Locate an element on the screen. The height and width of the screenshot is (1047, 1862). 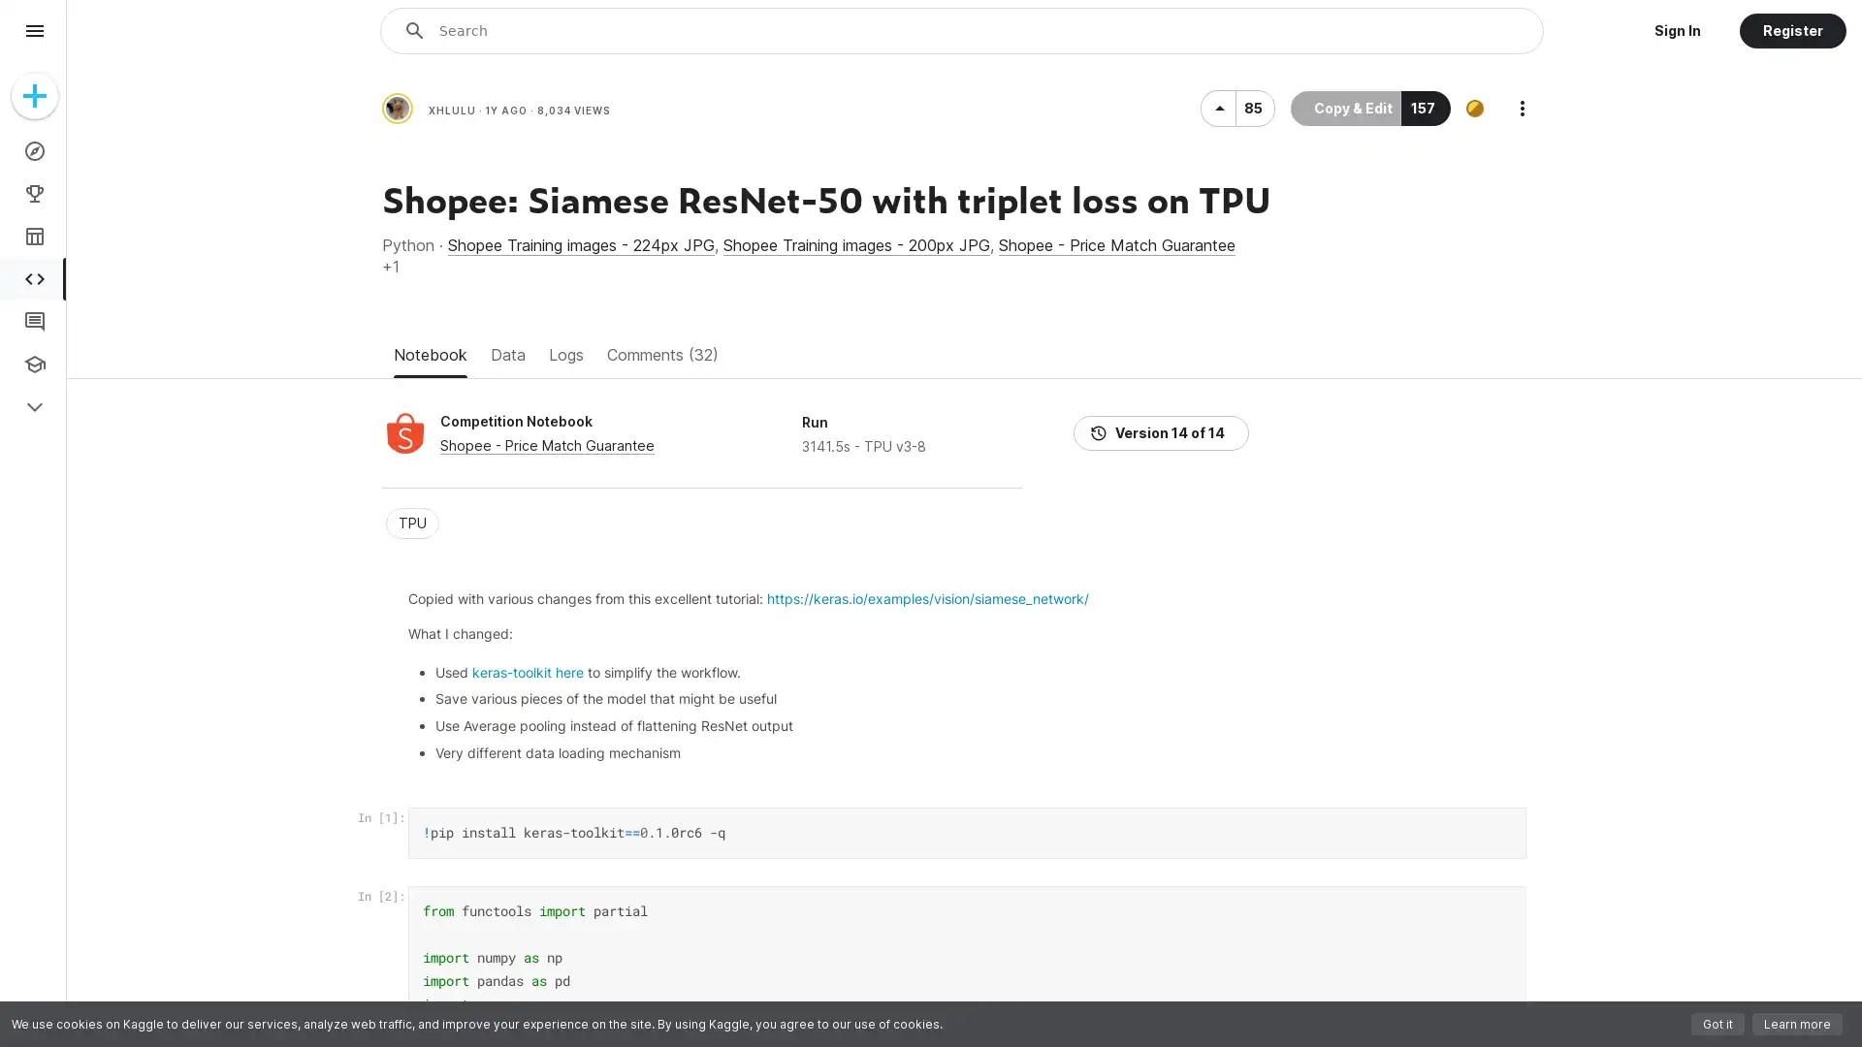
menu is located at coordinates (34, 30).